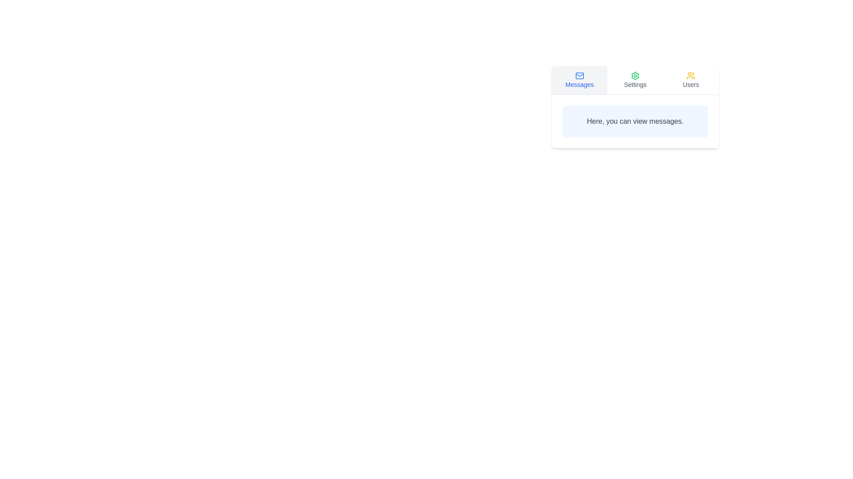 Image resolution: width=853 pixels, height=479 pixels. What do you see at coordinates (635, 80) in the screenshot?
I see `the Settings tab` at bounding box center [635, 80].